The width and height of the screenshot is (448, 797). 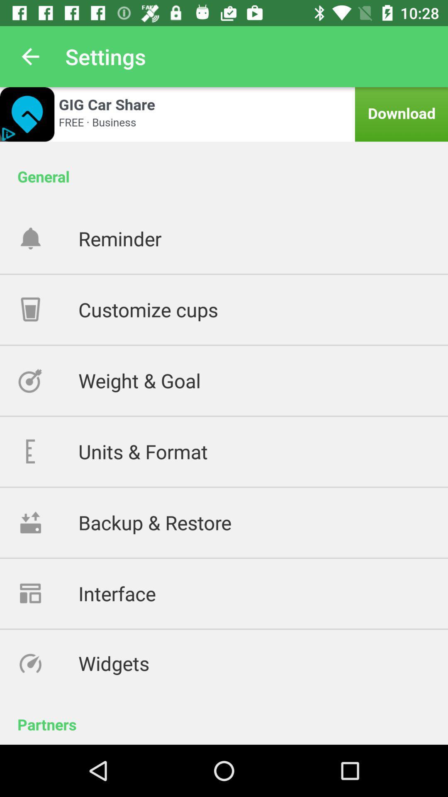 What do you see at coordinates (48, 451) in the screenshot?
I see `the icon on left to the button unitsformat on the web page` at bounding box center [48, 451].